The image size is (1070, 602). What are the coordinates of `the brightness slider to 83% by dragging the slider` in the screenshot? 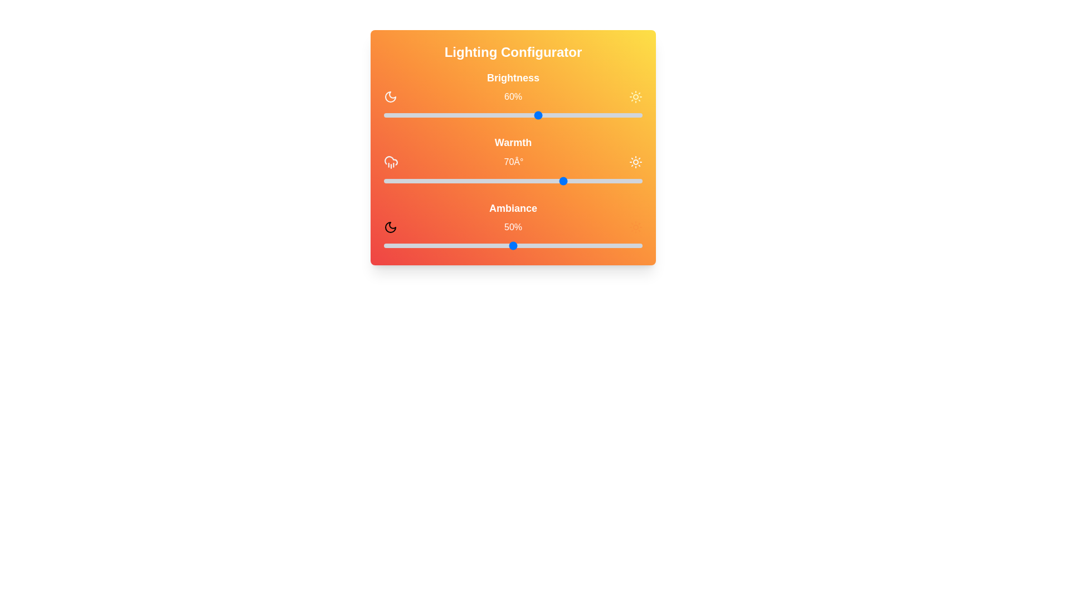 It's located at (598, 115).